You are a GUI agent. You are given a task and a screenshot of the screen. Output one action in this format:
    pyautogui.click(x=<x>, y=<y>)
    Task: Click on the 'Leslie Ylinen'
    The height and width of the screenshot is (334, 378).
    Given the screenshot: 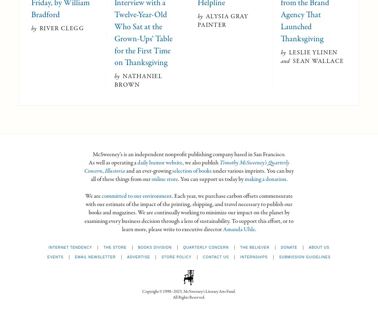 What is the action you would take?
    pyautogui.click(x=313, y=52)
    